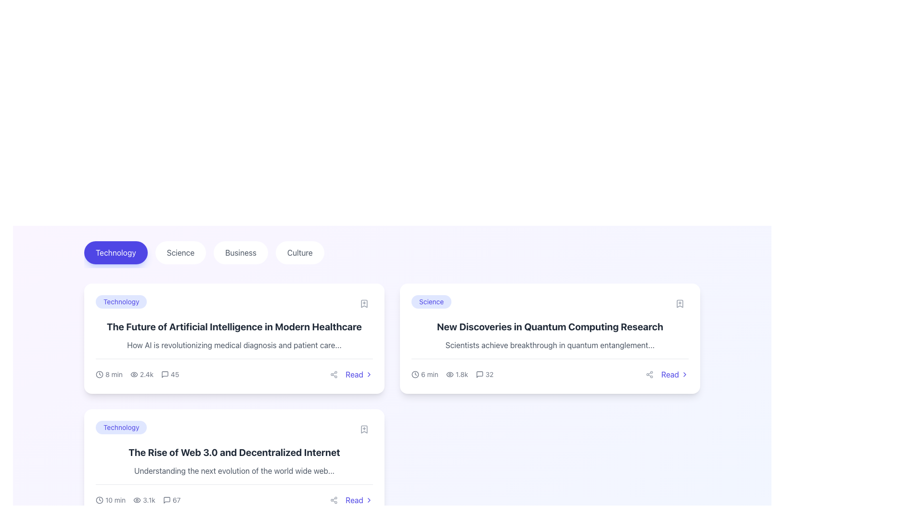  Describe the element at coordinates (143, 499) in the screenshot. I see `the view count icon represented by an eye symbol, which displays '3.1k' and is located in the card titled 'The Rise of Web 3.0 and Decentralized Internet'` at that location.